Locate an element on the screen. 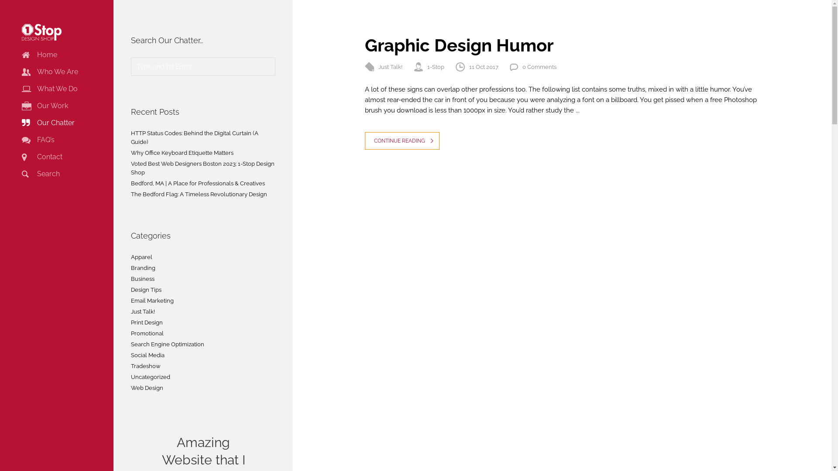 The width and height of the screenshot is (838, 471). 'Web Design' is located at coordinates (147, 388).